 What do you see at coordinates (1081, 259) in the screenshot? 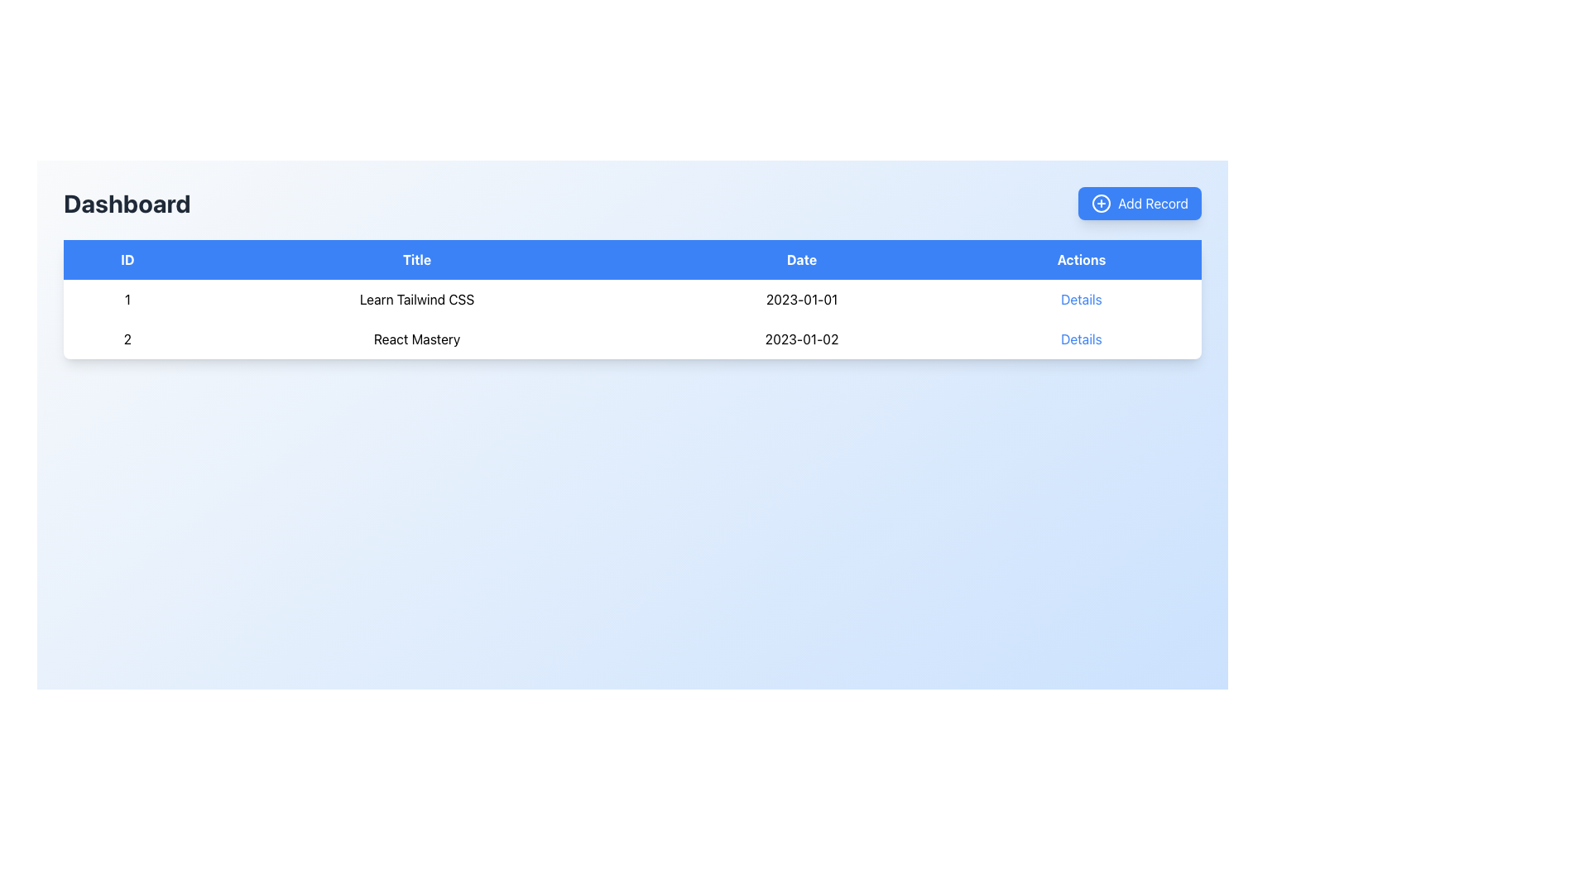
I see `the header label for the fourth column in the table, which follows 'ID', 'Title', and 'Date'` at bounding box center [1081, 259].